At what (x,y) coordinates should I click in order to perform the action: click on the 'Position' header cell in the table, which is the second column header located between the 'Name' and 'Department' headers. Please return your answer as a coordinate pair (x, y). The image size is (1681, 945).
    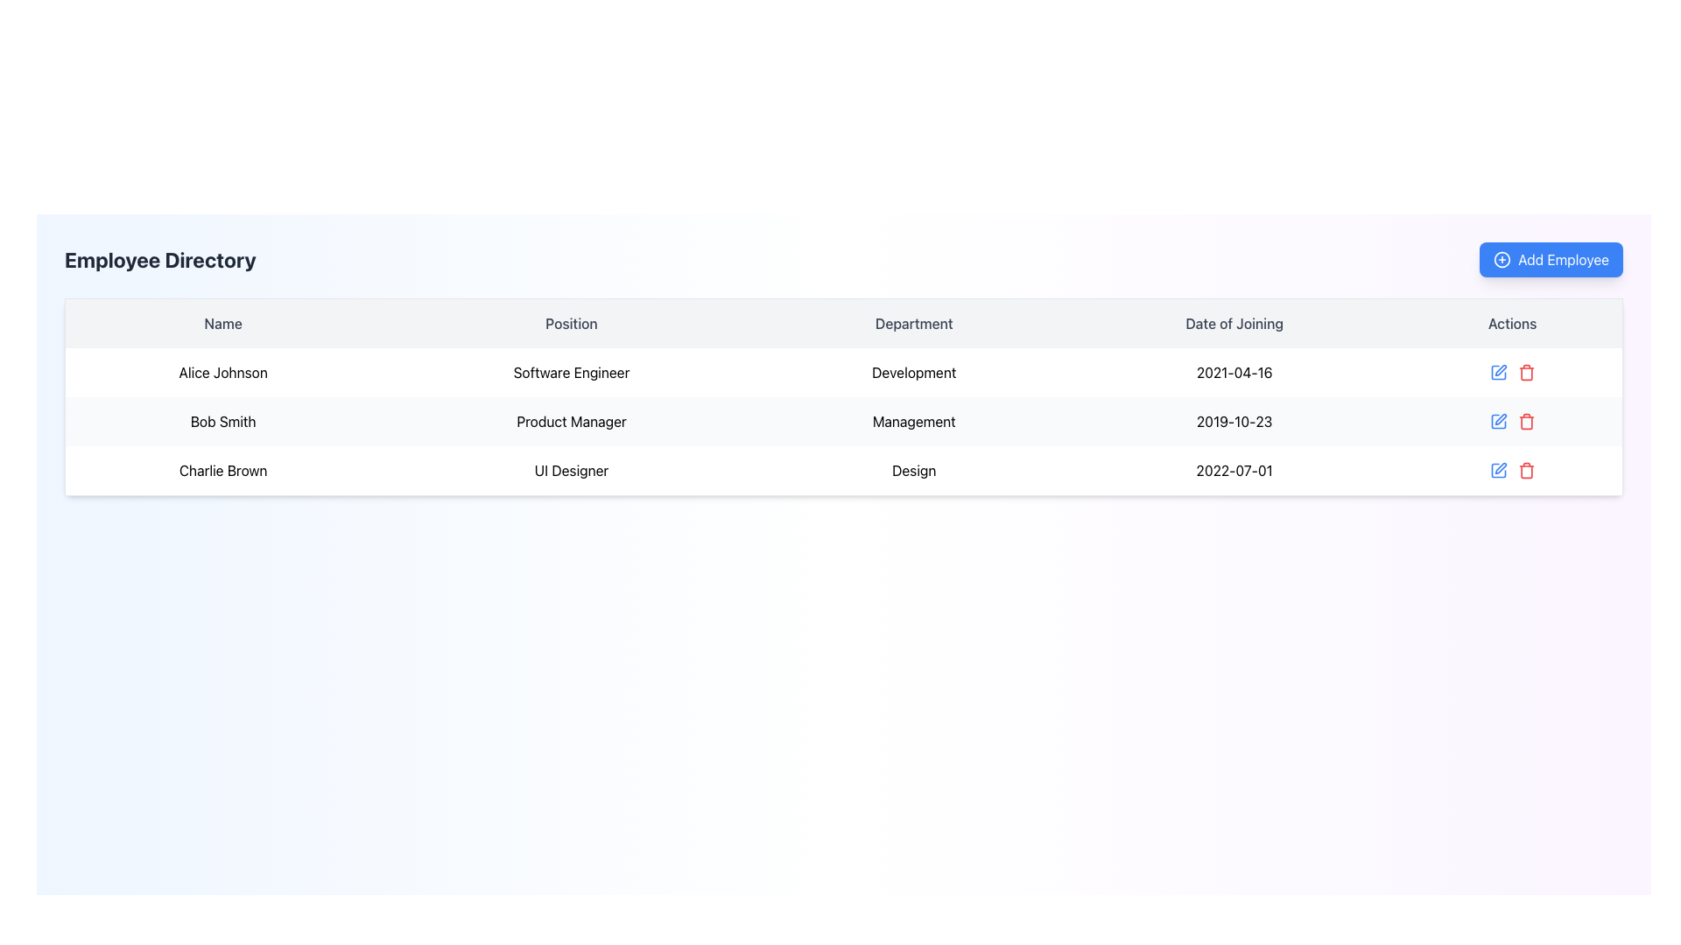
    Looking at the image, I should click on (571, 323).